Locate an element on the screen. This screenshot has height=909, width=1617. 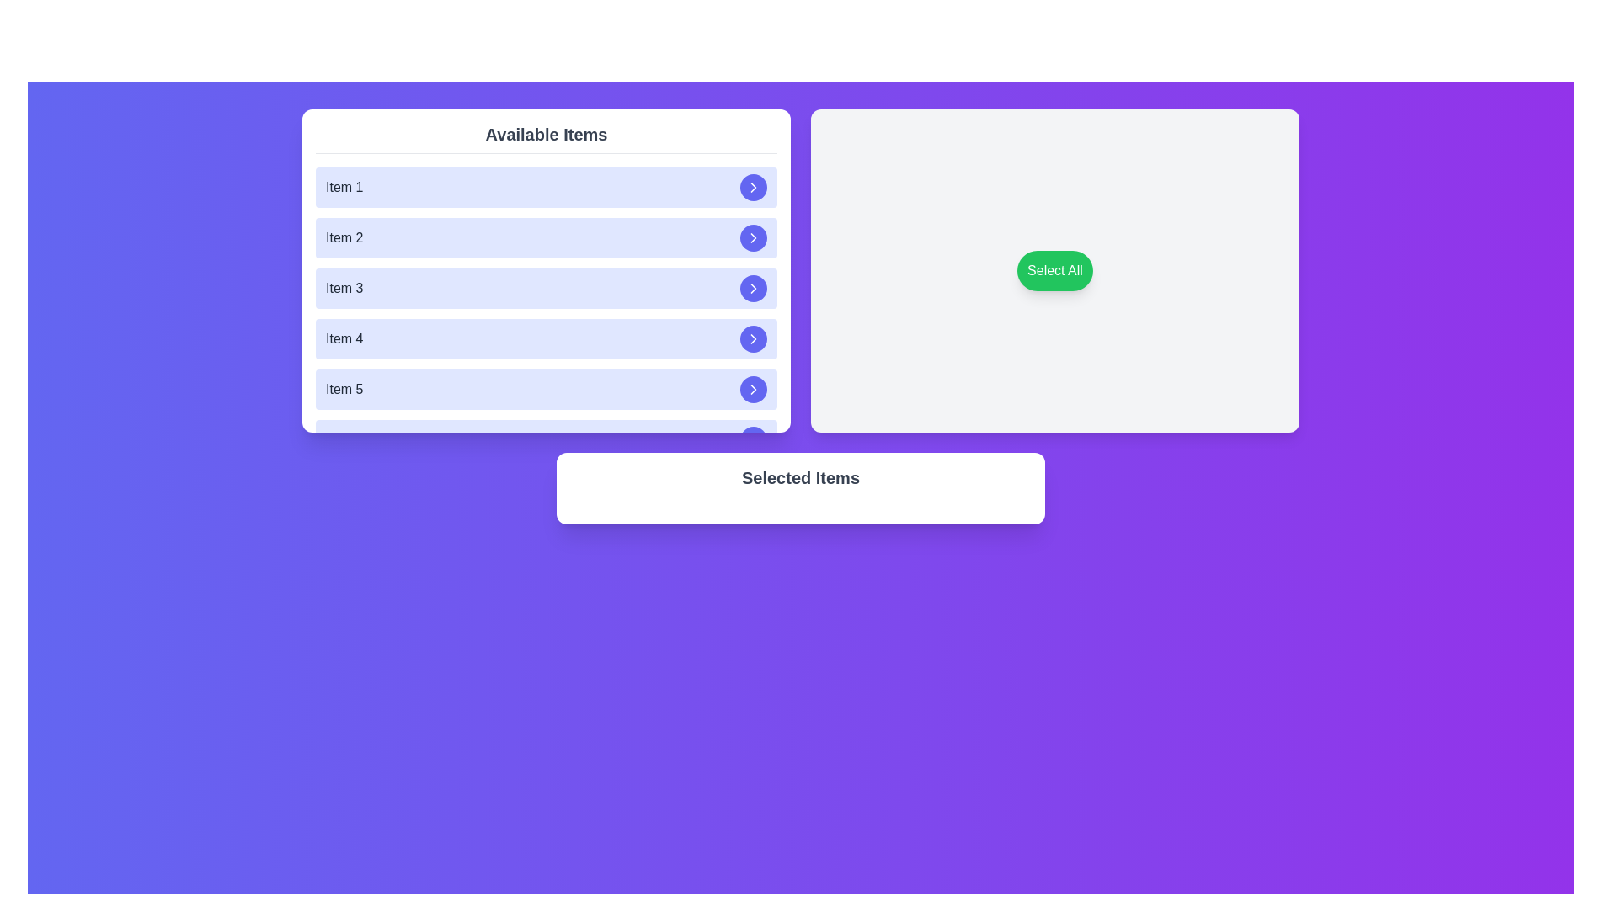
the Chevron Right icon associated with the fifth item in the 'Available Items' list to initiate a navigational action is located at coordinates (752, 389).